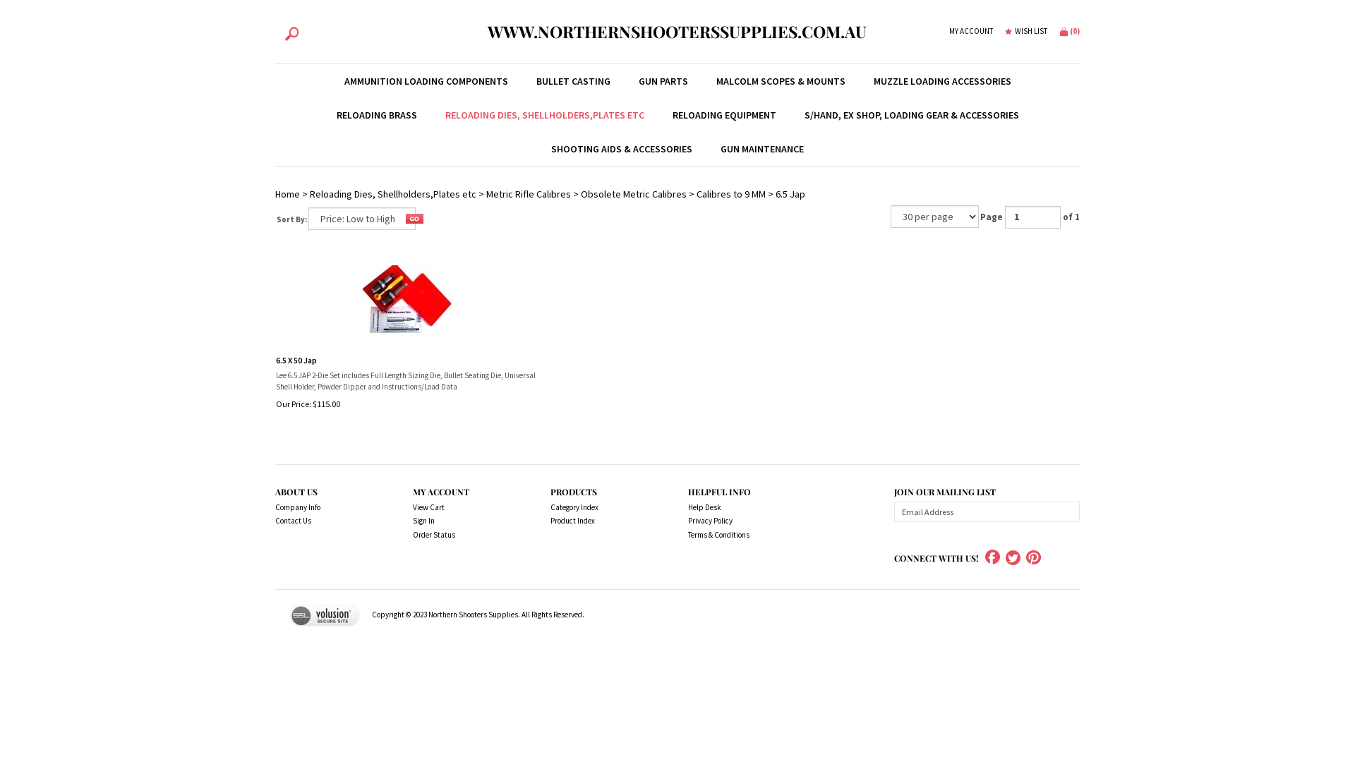  What do you see at coordinates (1066, 512) in the screenshot?
I see `'Subscribe'` at bounding box center [1066, 512].